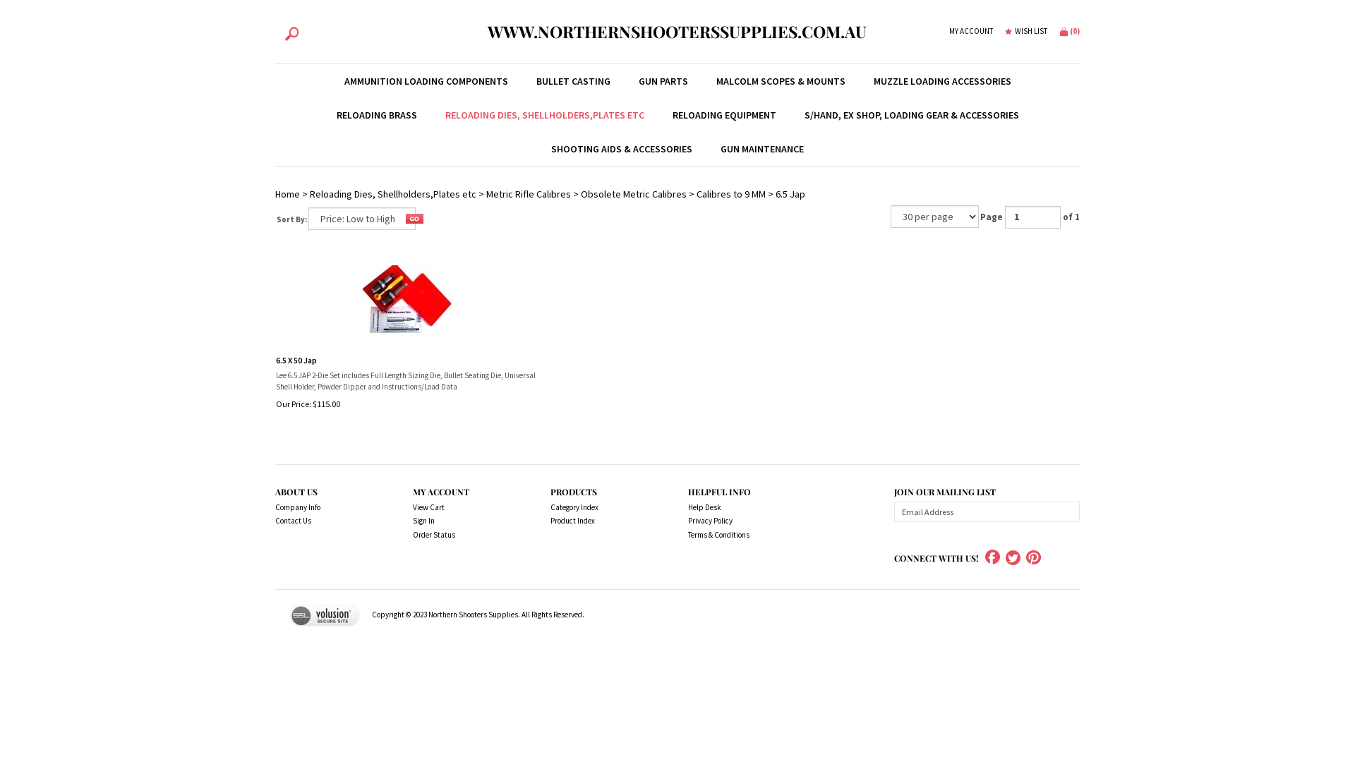  What do you see at coordinates (1066, 512) in the screenshot?
I see `'Subscribe'` at bounding box center [1066, 512].